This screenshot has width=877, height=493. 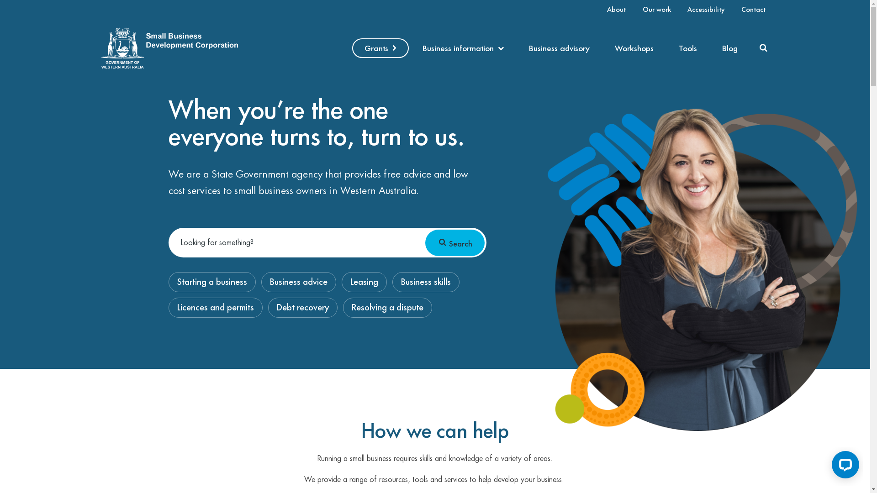 I want to click on 'Contact', so click(x=737, y=10).